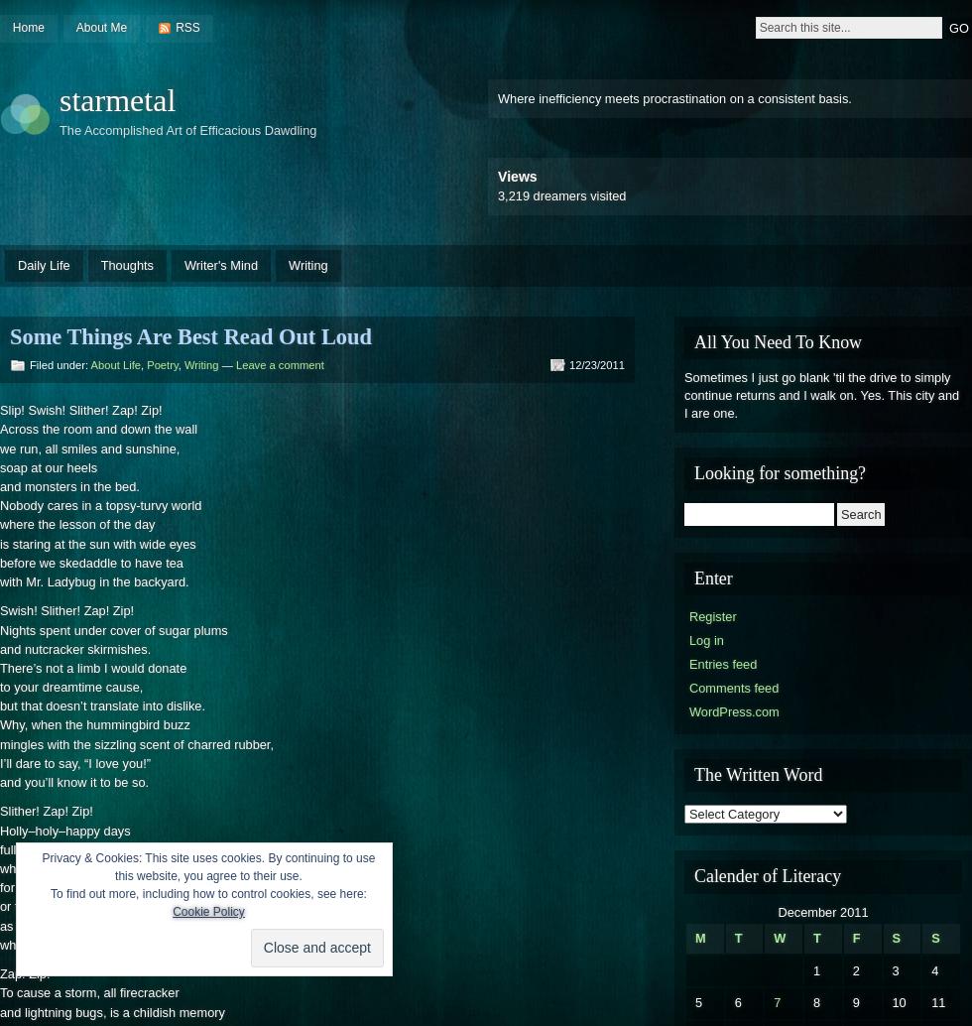  Describe the element at coordinates (723, 664) in the screenshot. I see `'Entries feed'` at that location.